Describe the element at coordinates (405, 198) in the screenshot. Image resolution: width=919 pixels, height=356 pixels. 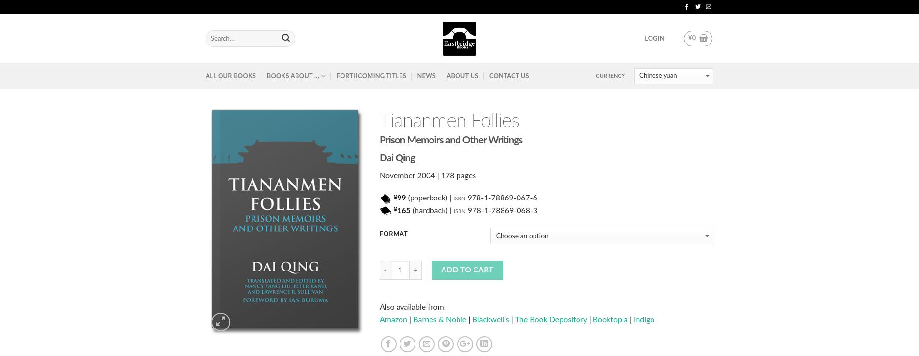
I see `'(paperback) |'` at that location.